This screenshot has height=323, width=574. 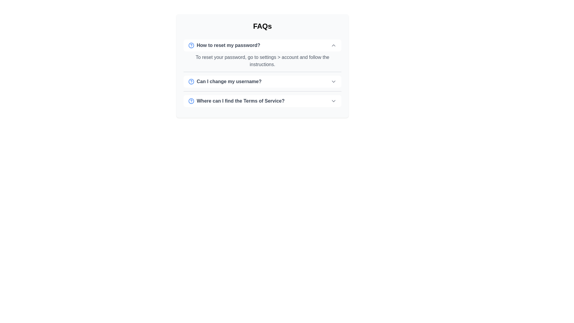 What do you see at coordinates (224, 45) in the screenshot?
I see `the text label displaying the question 'How to reset my password?'` at bounding box center [224, 45].